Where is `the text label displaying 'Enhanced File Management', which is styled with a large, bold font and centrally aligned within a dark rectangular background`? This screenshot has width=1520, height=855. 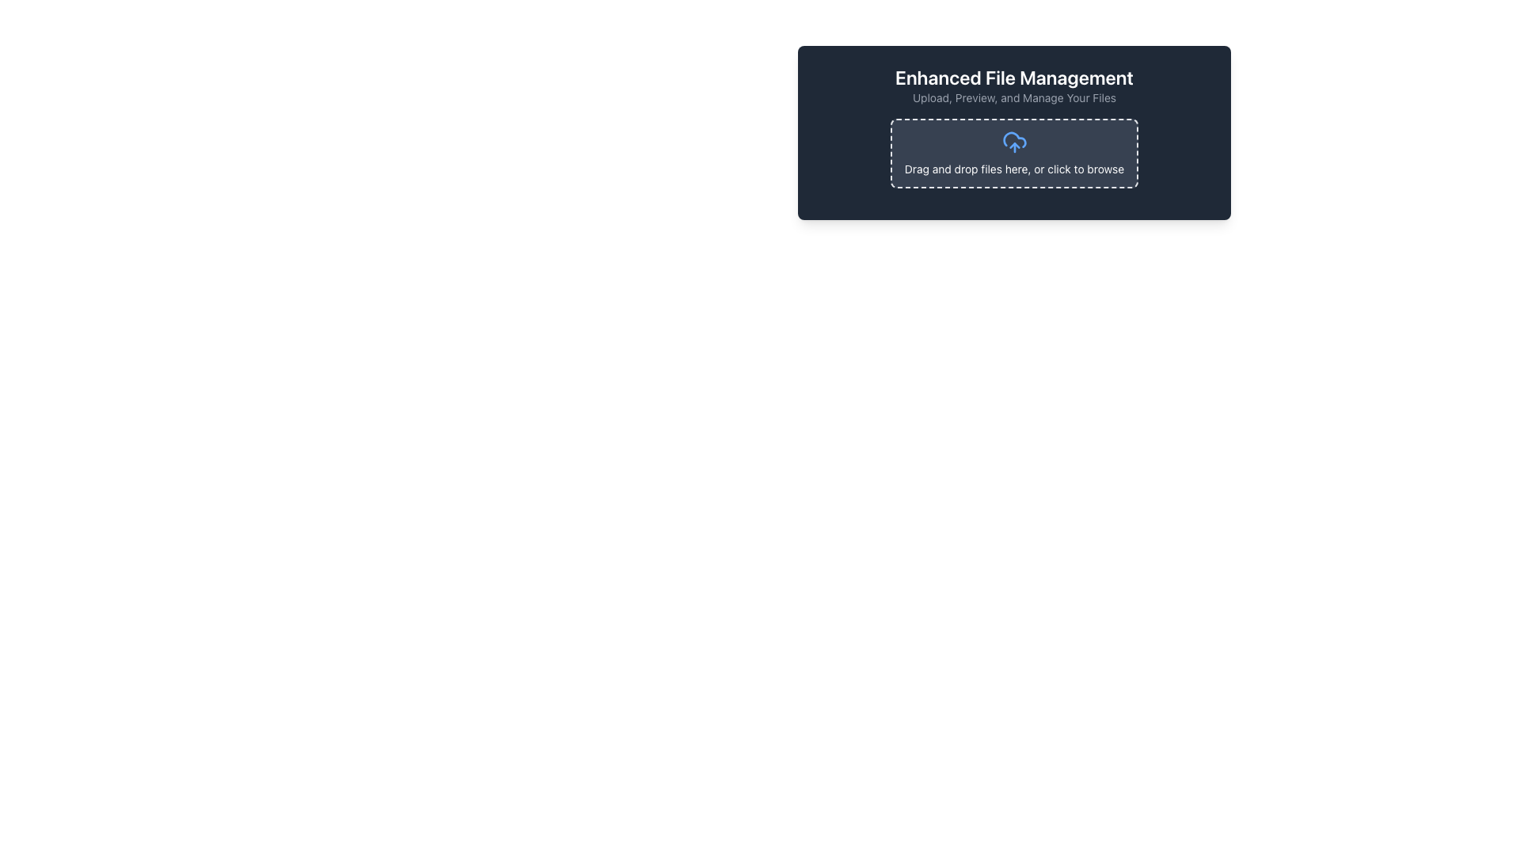 the text label displaying 'Enhanced File Management', which is styled with a large, bold font and centrally aligned within a dark rectangular background is located at coordinates (1014, 77).